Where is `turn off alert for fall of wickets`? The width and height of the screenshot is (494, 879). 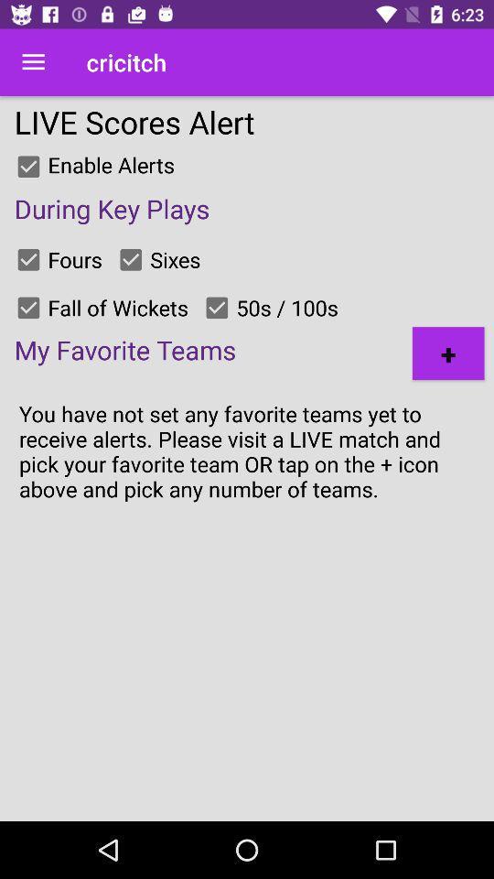
turn off alert for fall of wickets is located at coordinates (27, 308).